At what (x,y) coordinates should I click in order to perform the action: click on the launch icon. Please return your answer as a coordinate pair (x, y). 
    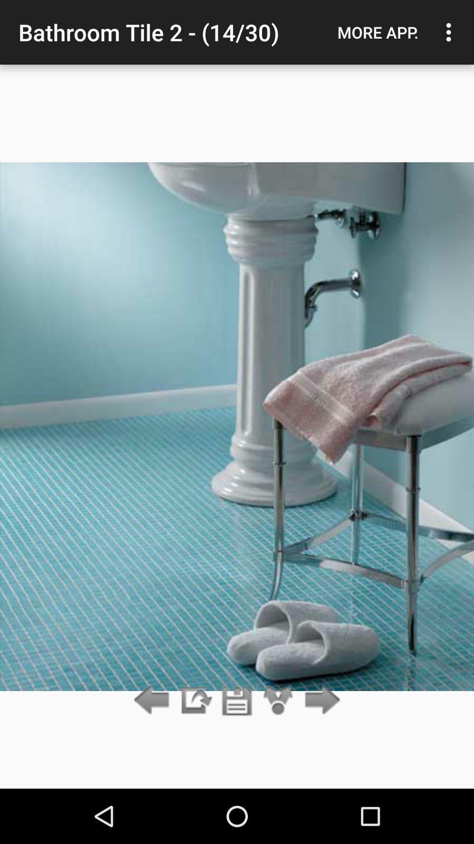
    Looking at the image, I should click on (195, 700).